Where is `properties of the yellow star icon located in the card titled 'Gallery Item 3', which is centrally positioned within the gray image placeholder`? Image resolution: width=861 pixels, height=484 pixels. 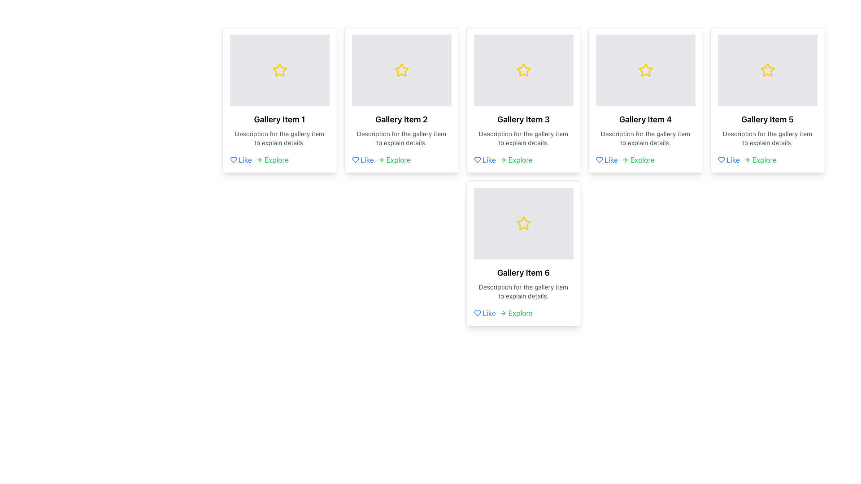 properties of the yellow star icon located in the card titled 'Gallery Item 3', which is centrally positioned within the gray image placeholder is located at coordinates (523, 69).